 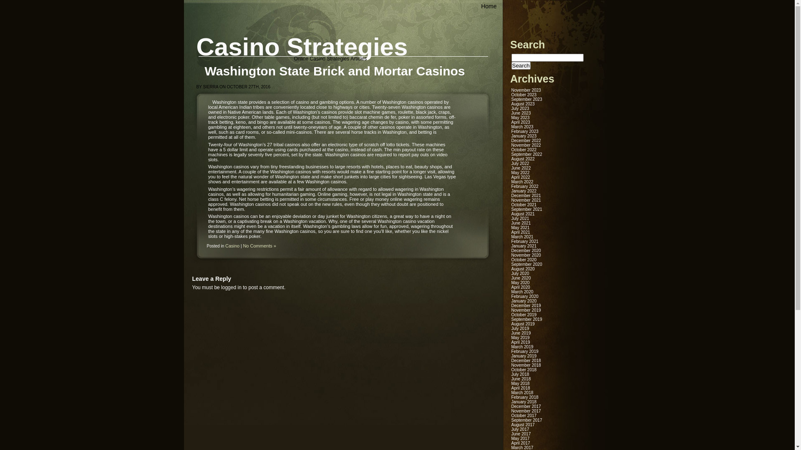 I want to click on 'July 2021', so click(x=511, y=218).